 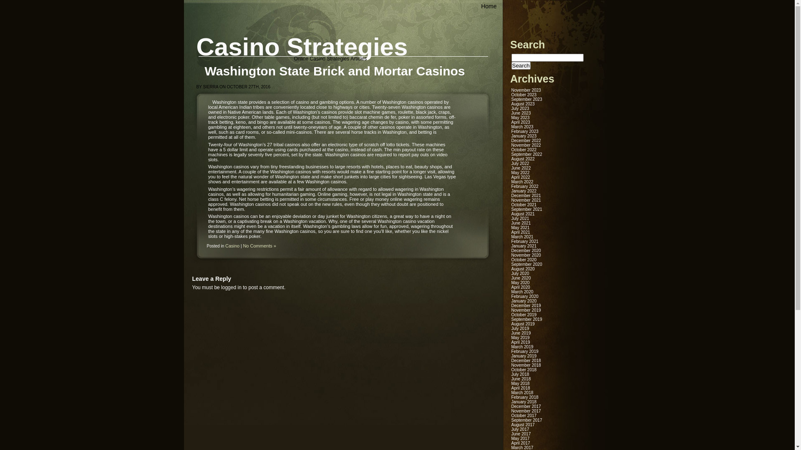 I want to click on 'July 2021', so click(x=511, y=218).